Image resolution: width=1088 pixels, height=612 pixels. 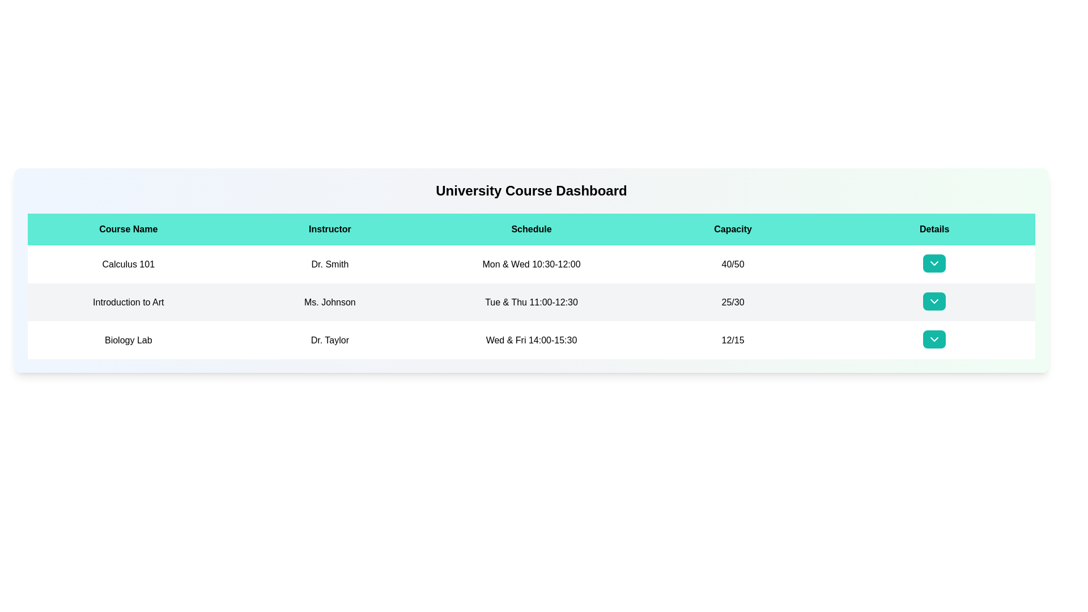 I want to click on the 'Details' button with an icon for the 'Biology Lab' course, so click(x=934, y=338).